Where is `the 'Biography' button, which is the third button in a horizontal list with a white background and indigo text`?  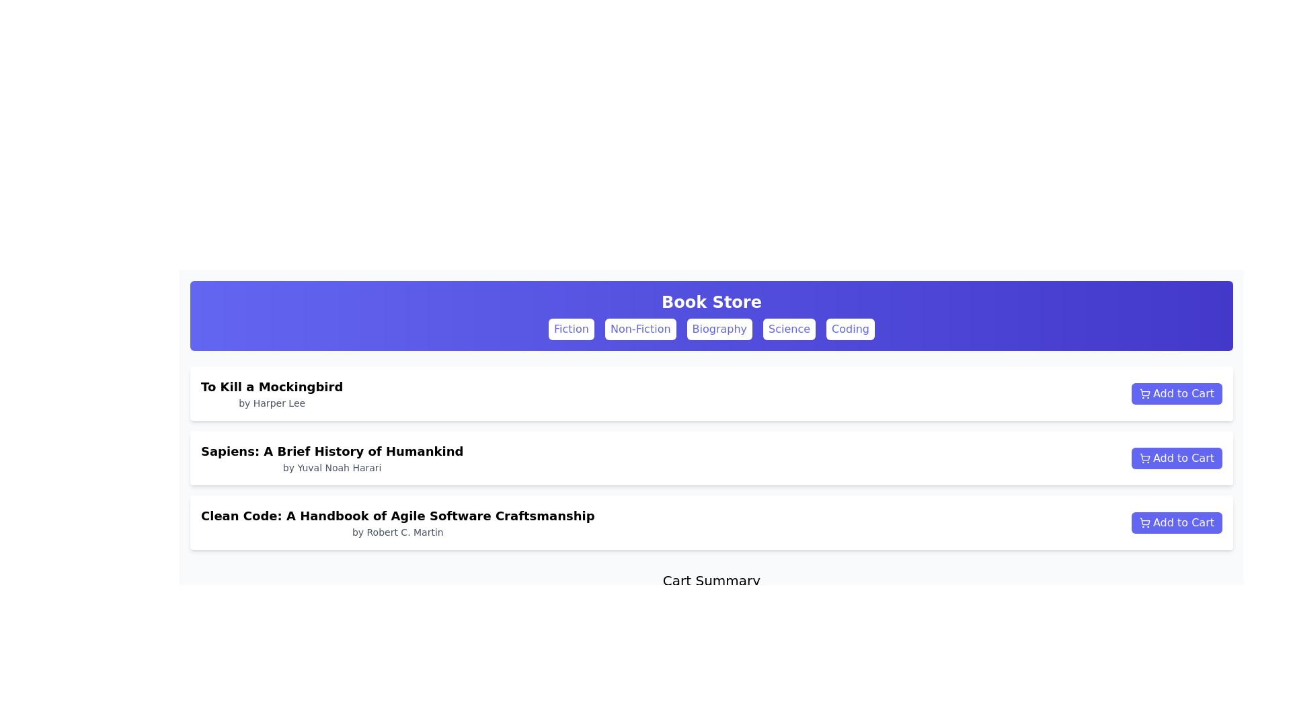 the 'Biography' button, which is the third button in a horizontal list with a white background and indigo text is located at coordinates (719, 329).